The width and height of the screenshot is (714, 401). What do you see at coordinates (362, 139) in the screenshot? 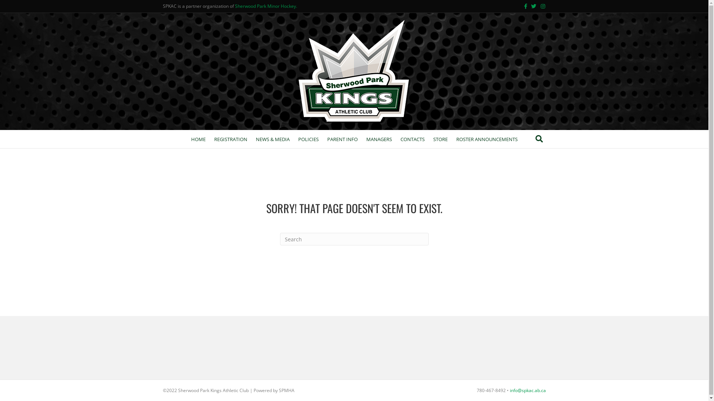
I see `'MANAGERS'` at bounding box center [362, 139].